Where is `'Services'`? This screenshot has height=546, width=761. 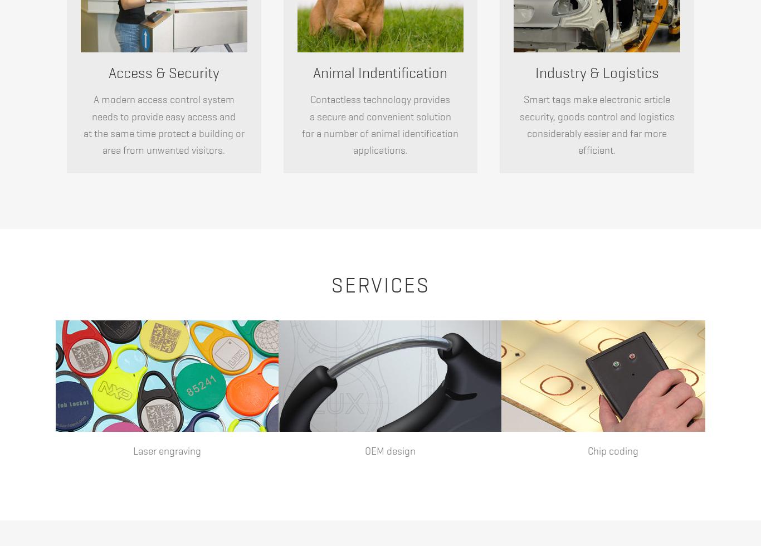
'Services' is located at coordinates (330, 285).